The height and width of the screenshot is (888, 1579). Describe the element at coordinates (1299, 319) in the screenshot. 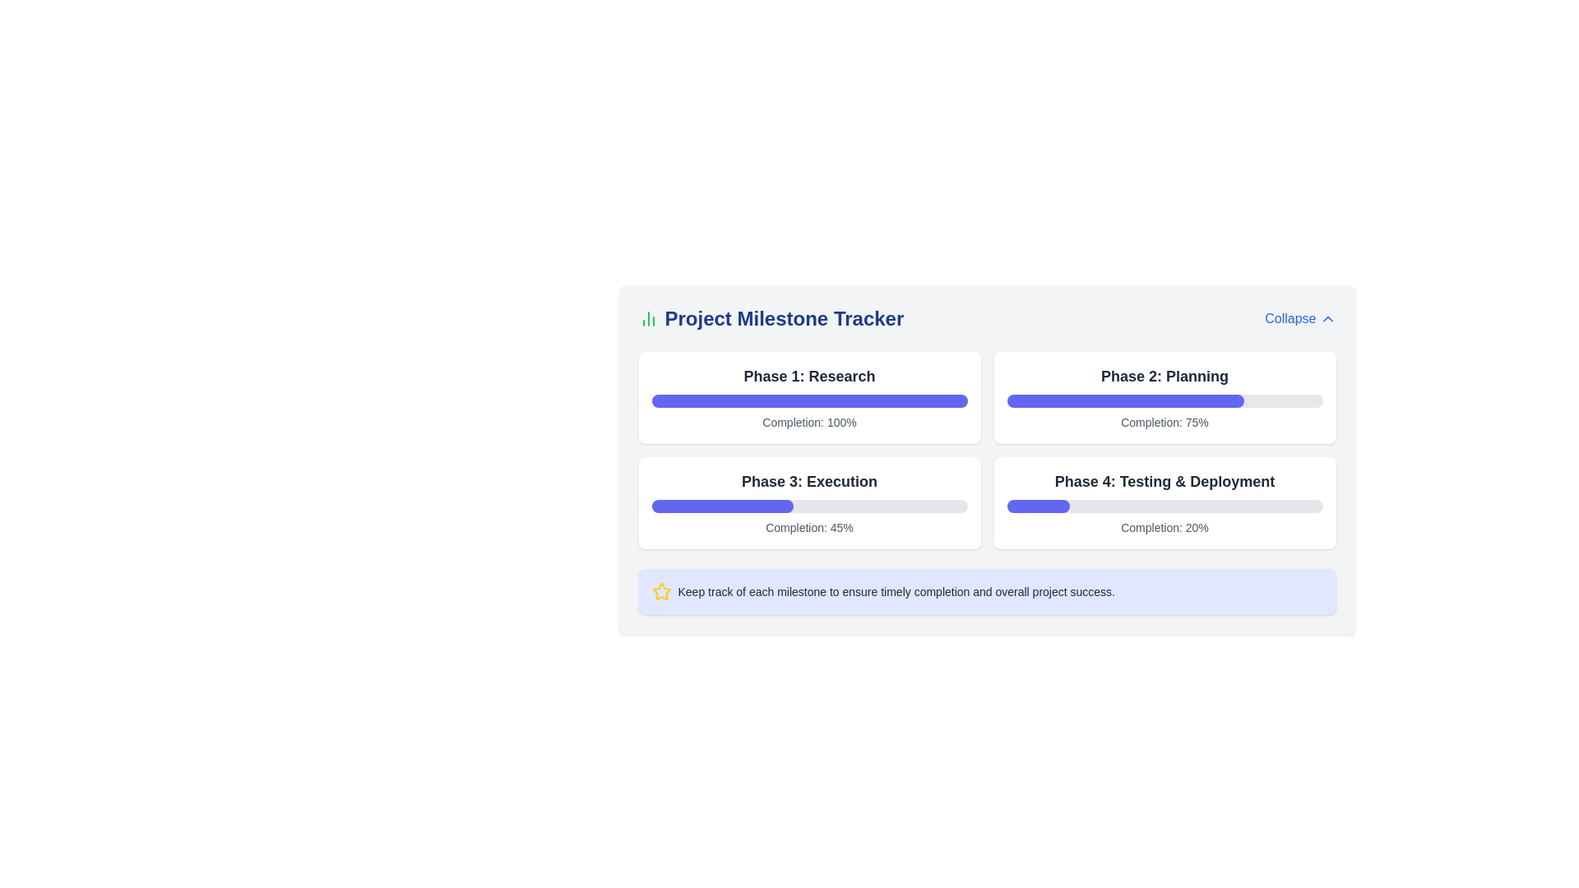

I see `the 'Collapse' button, which is a clickable text label styled in blue font with an upward arrow icon next to it, located at the top-right corner of the 'Project Milestone Tracker' section` at that location.